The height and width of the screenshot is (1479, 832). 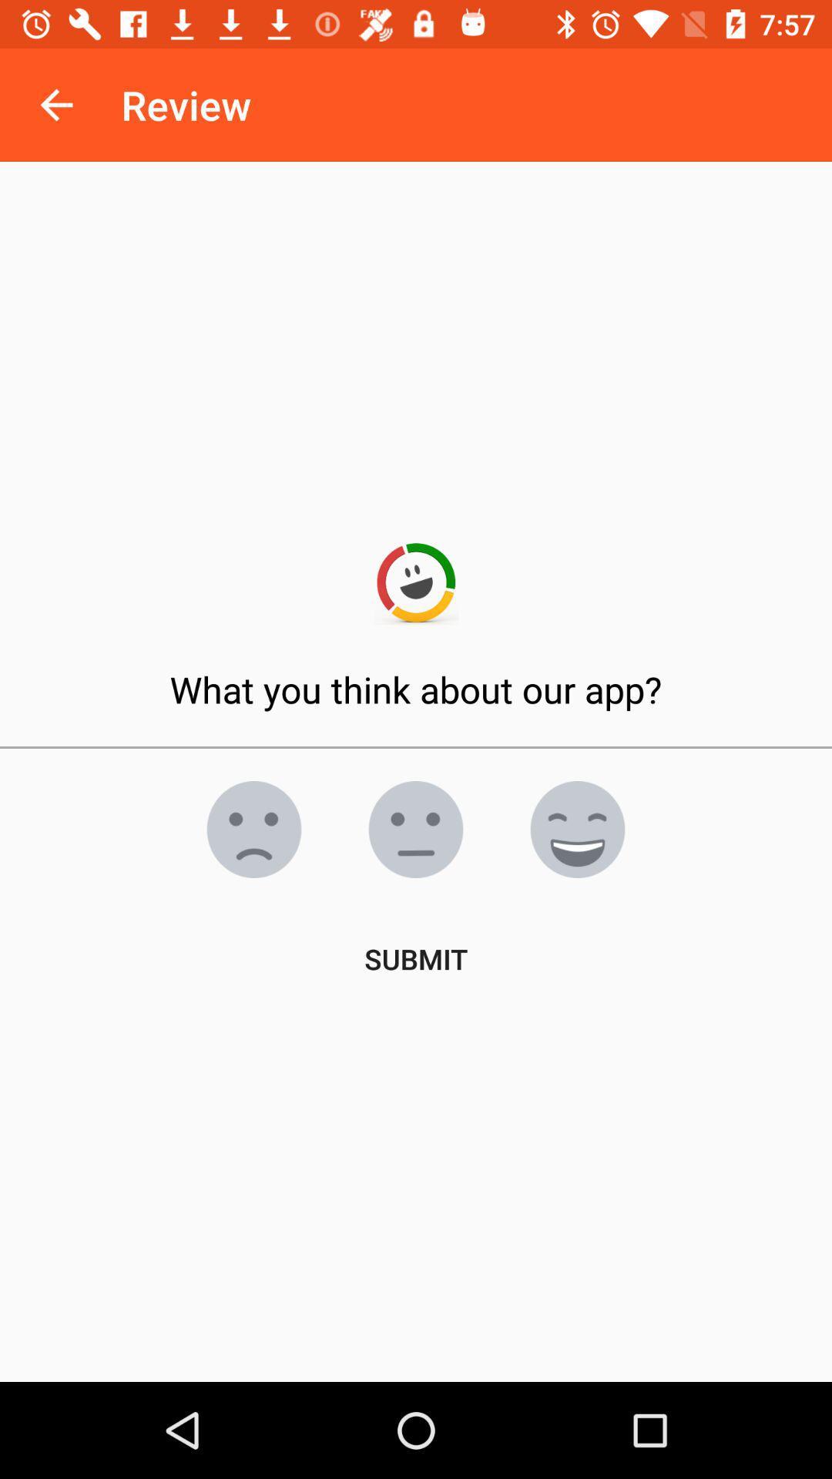 What do you see at coordinates (577, 828) in the screenshot?
I see `happy emoji` at bounding box center [577, 828].